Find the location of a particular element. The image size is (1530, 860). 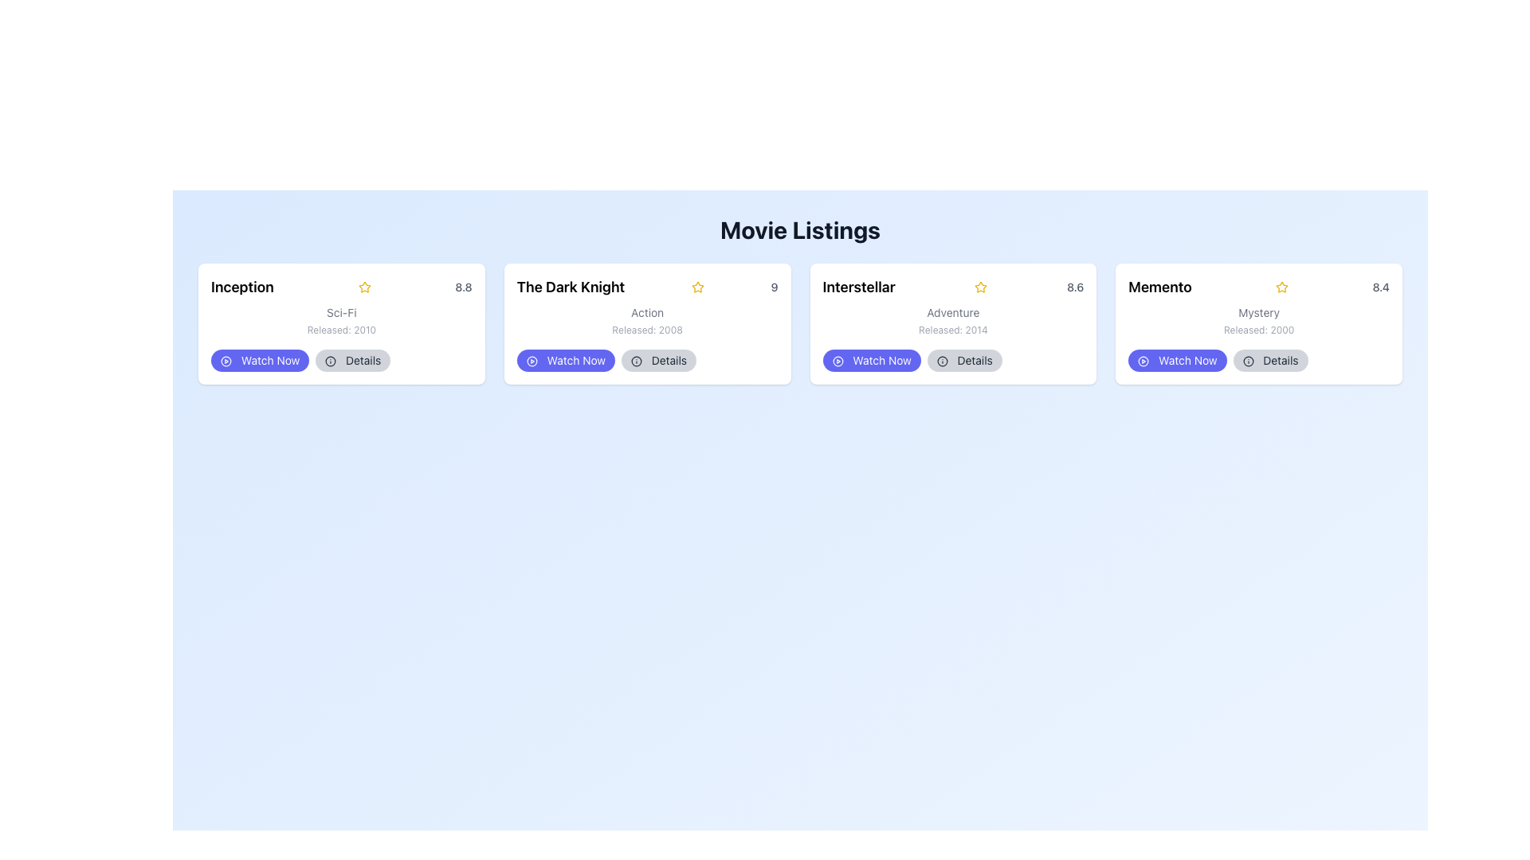

the movie card titled 'The Dark Knight' which contains a yellow star icon and a rating of 9, located in the second column of the movie listings section is located at coordinates (647, 323).